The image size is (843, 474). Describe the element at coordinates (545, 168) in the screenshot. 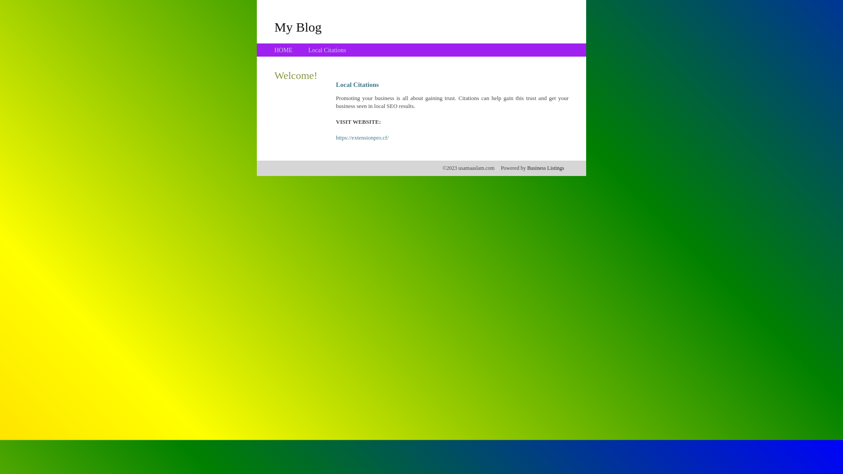

I see `'Business Listings'` at that location.